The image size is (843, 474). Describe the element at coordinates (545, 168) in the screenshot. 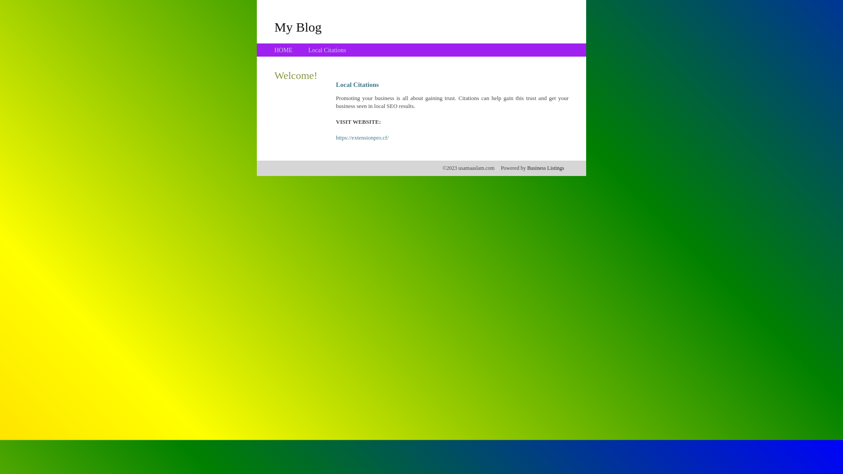

I see `'Business Listings'` at that location.